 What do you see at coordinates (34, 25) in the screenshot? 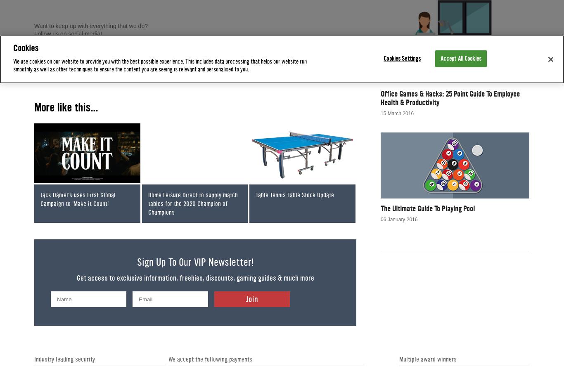
I see `'Want to keep up with everything that we do?'` at bounding box center [34, 25].